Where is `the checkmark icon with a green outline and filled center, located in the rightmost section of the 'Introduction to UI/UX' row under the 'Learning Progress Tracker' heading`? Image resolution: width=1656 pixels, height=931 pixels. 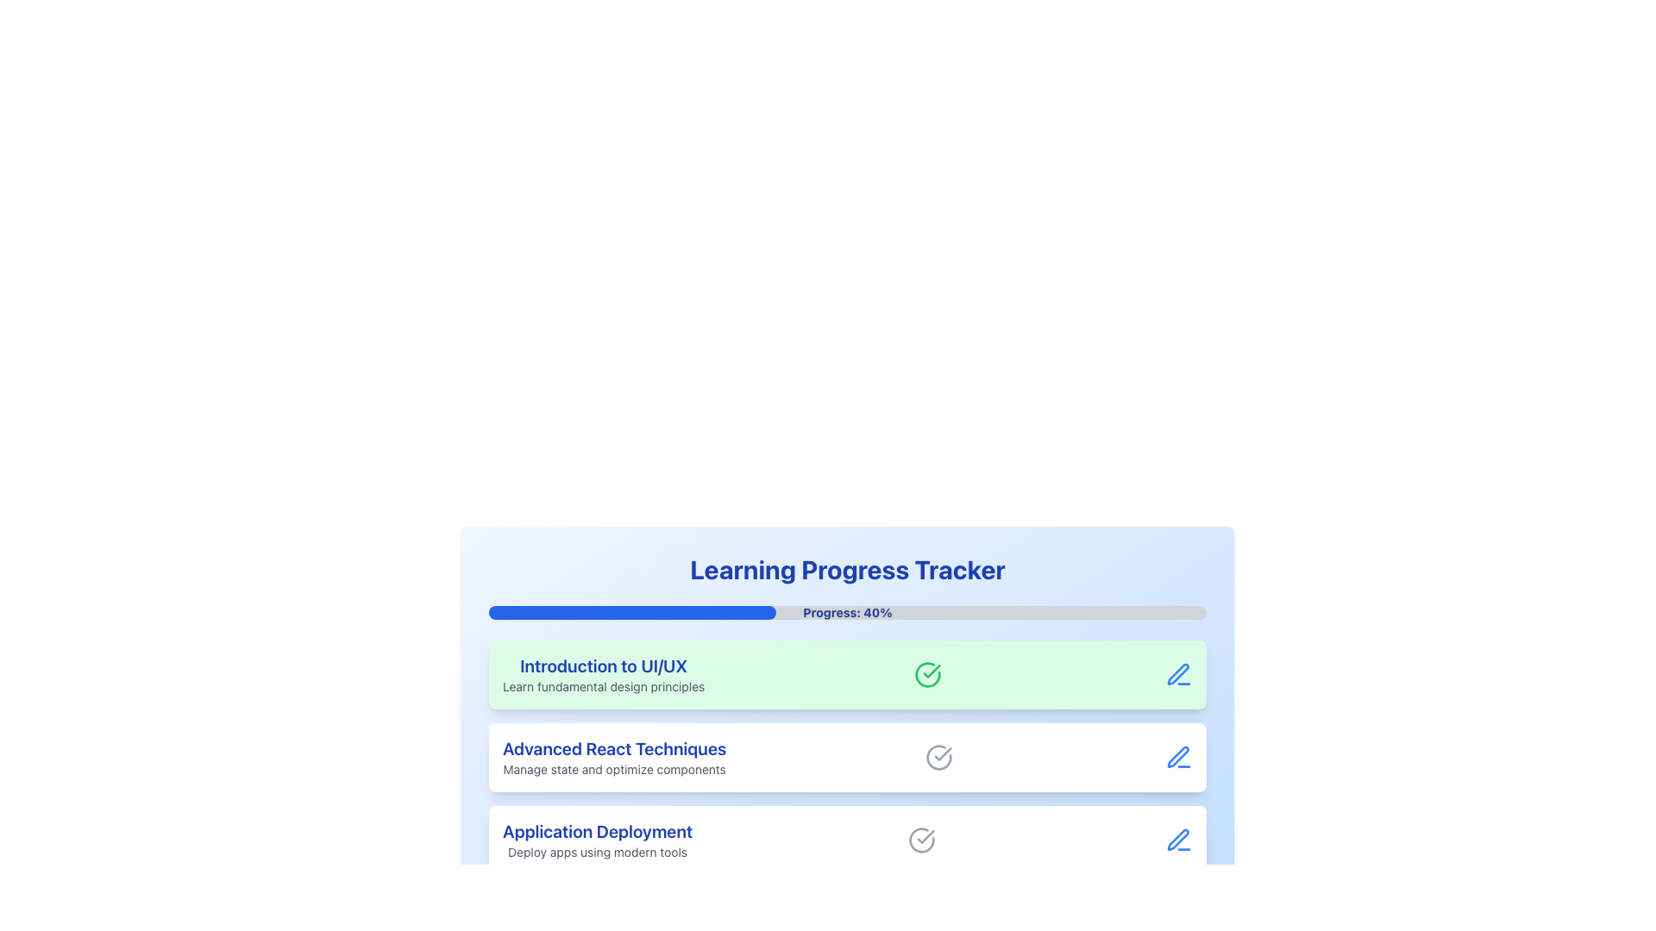
the checkmark icon with a green outline and filled center, located in the rightmost section of the 'Introduction to UI/UX' row under the 'Learning Progress Tracker' heading is located at coordinates (931, 671).